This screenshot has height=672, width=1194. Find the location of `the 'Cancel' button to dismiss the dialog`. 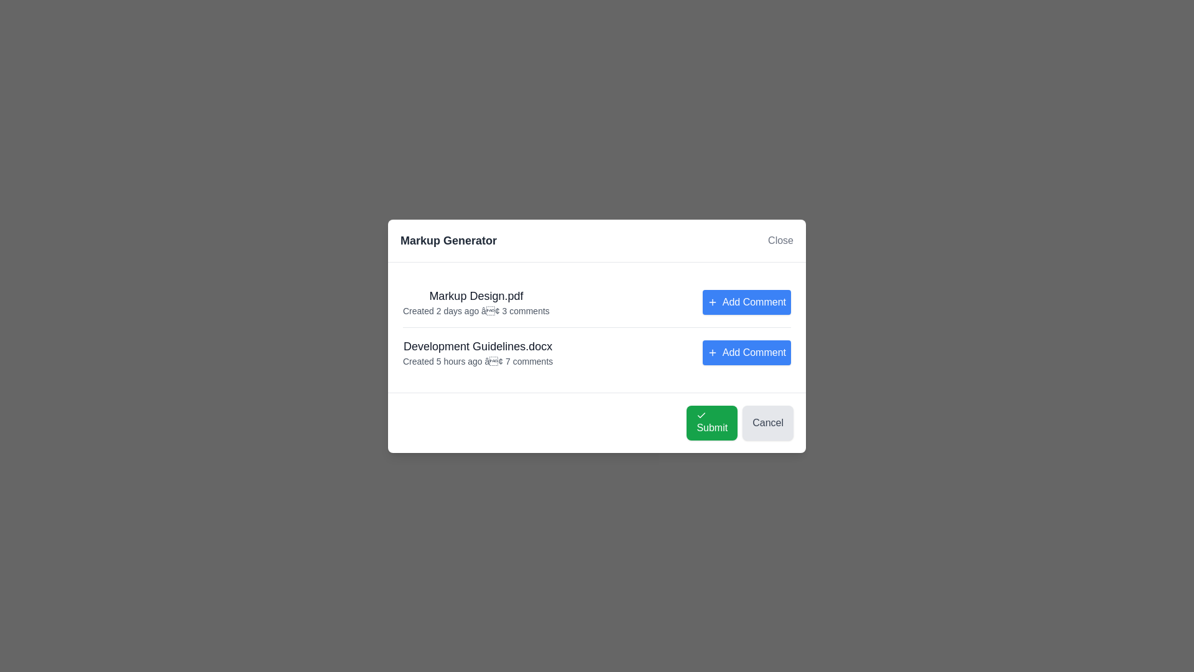

the 'Cancel' button to dismiss the dialog is located at coordinates (767, 422).